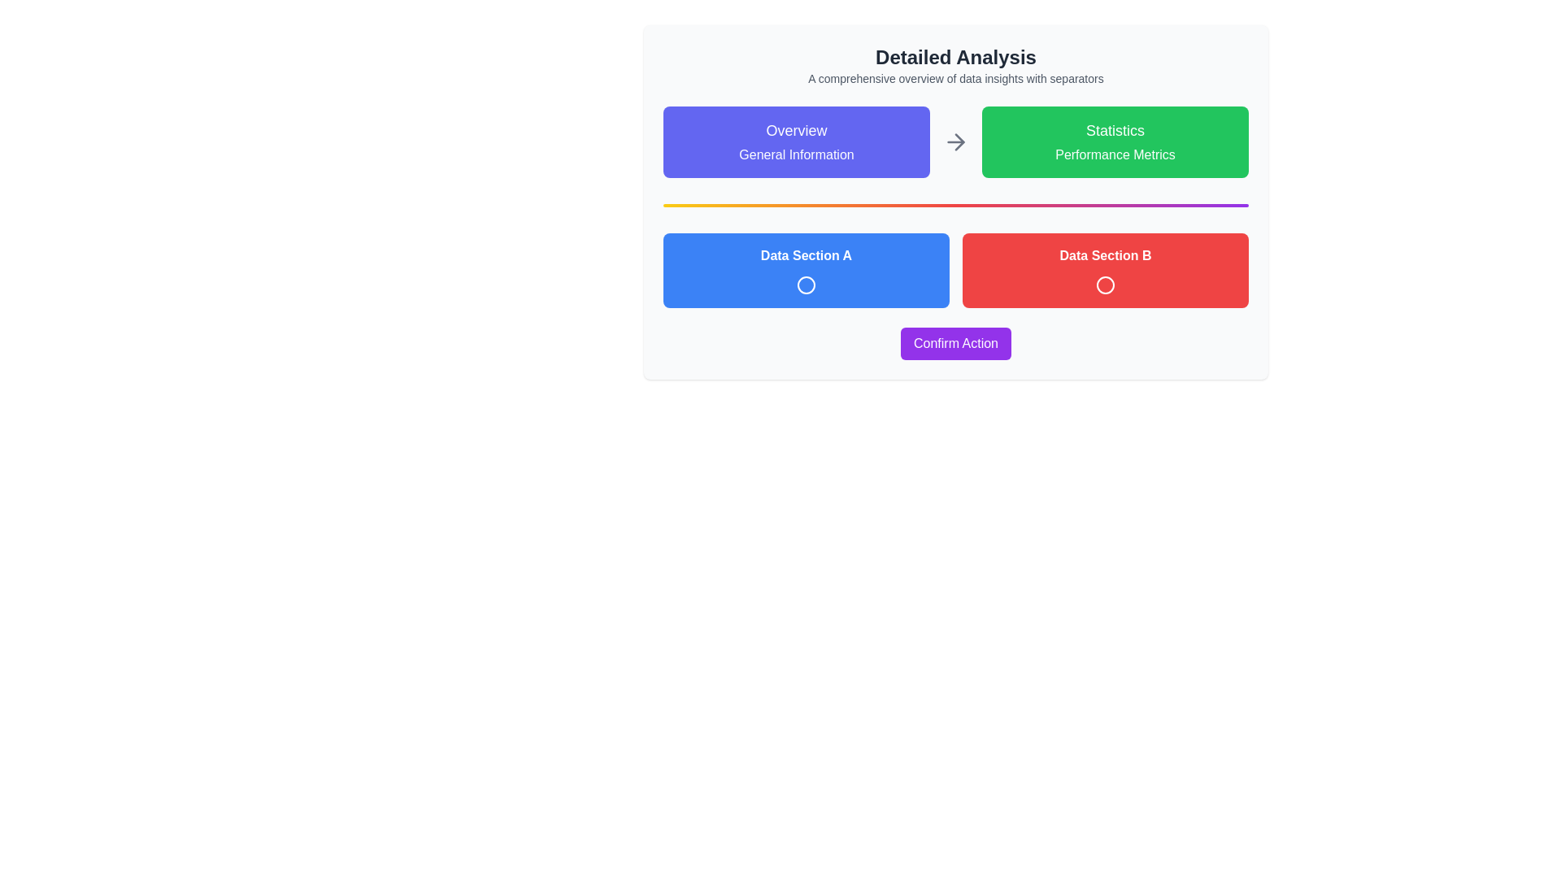 This screenshot has height=878, width=1561. Describe the element at coordinates (796, 155) in the screenshot. I see `the Text label that provides additional context under the 'Overview' heading, located in the blue button-like area on the left side of the UI` at that location.